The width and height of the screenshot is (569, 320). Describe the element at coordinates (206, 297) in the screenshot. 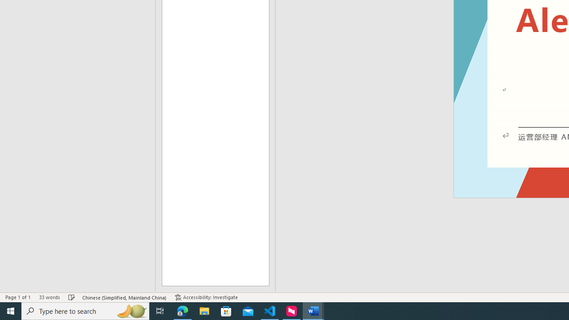

I see `'Accessibility Checker Accessibility: Investigate'` at that location.